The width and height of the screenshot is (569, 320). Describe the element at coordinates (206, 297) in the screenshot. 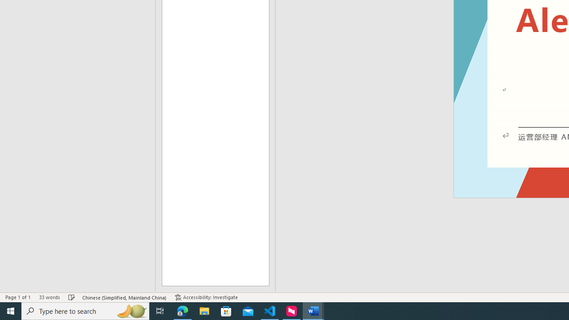

I see `'Accessibility Checker Accessibility: Investigate'` at that location.